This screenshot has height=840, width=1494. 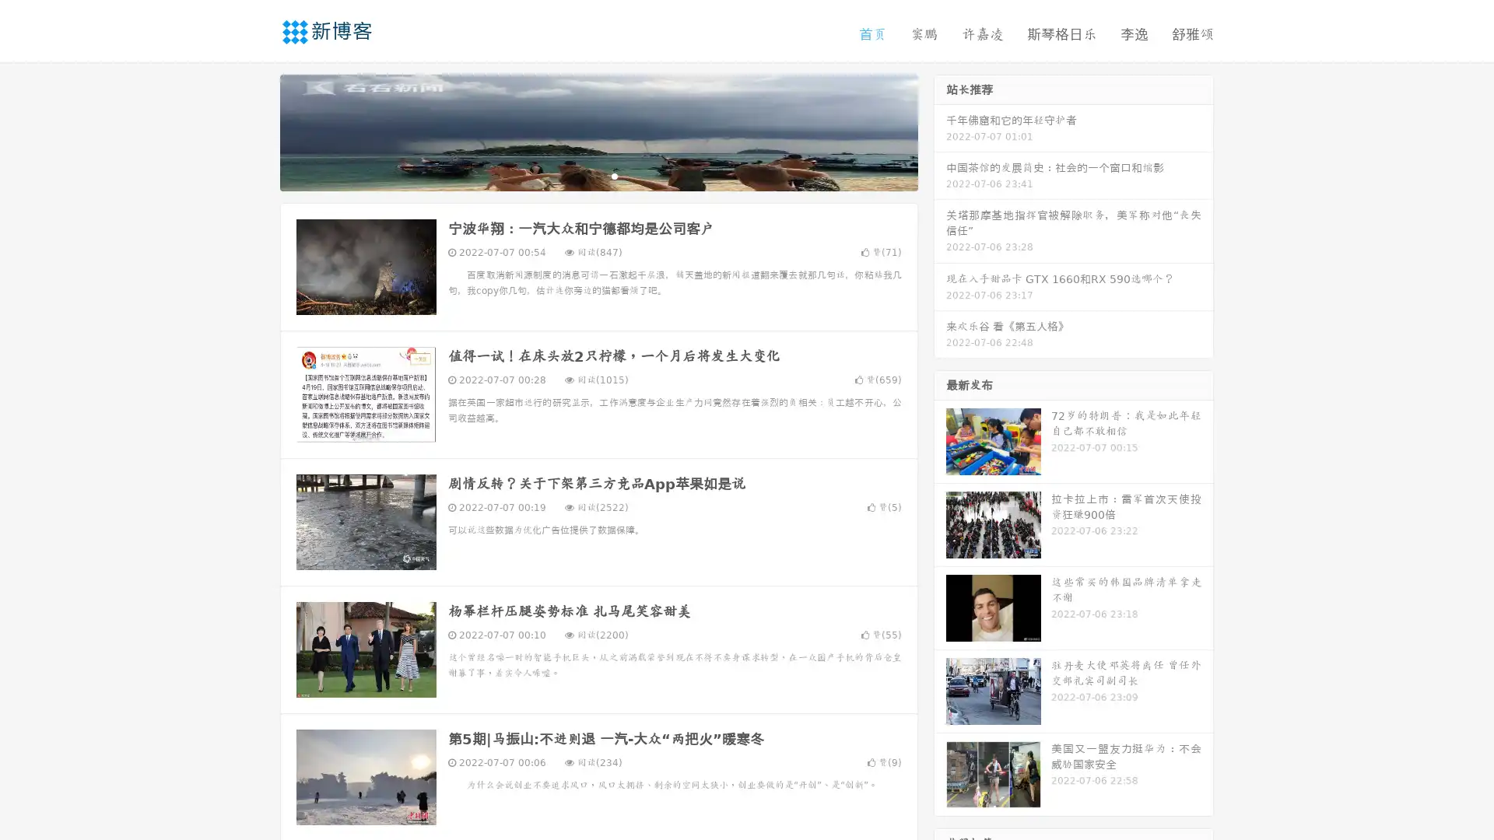 I want to click on Go to slide 1, so click(x=582, y=175).